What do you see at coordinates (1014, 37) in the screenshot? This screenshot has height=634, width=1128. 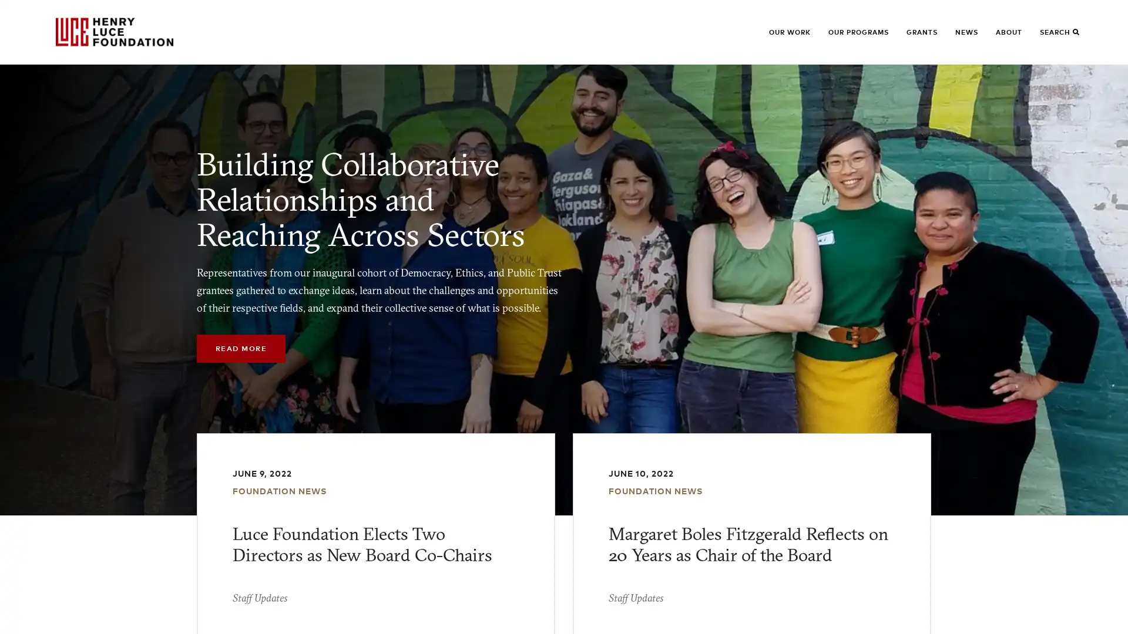 I see `SHOW SUBMENU FOR ABOUT` at bounding box center [1014, 37].